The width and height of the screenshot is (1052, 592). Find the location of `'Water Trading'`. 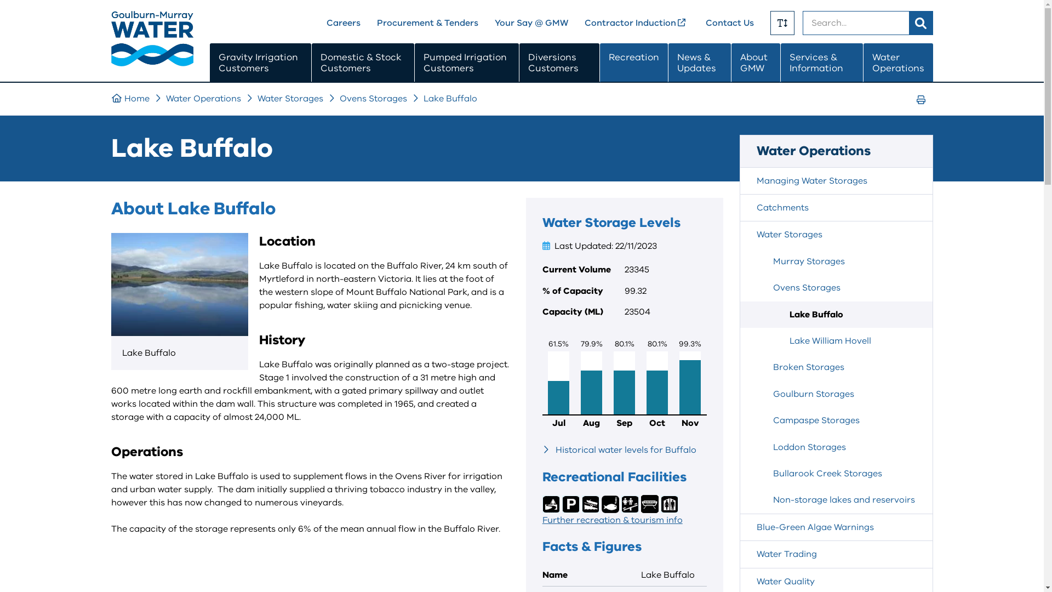

'Water Trading' is located at coordinates (836, 554).